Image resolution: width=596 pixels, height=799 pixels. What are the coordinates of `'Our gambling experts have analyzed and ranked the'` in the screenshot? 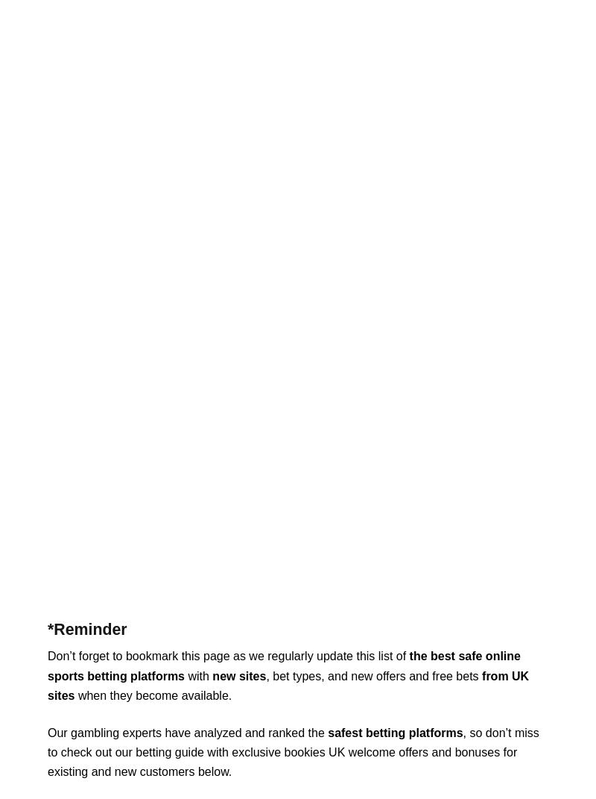 It's located at (47, 731).